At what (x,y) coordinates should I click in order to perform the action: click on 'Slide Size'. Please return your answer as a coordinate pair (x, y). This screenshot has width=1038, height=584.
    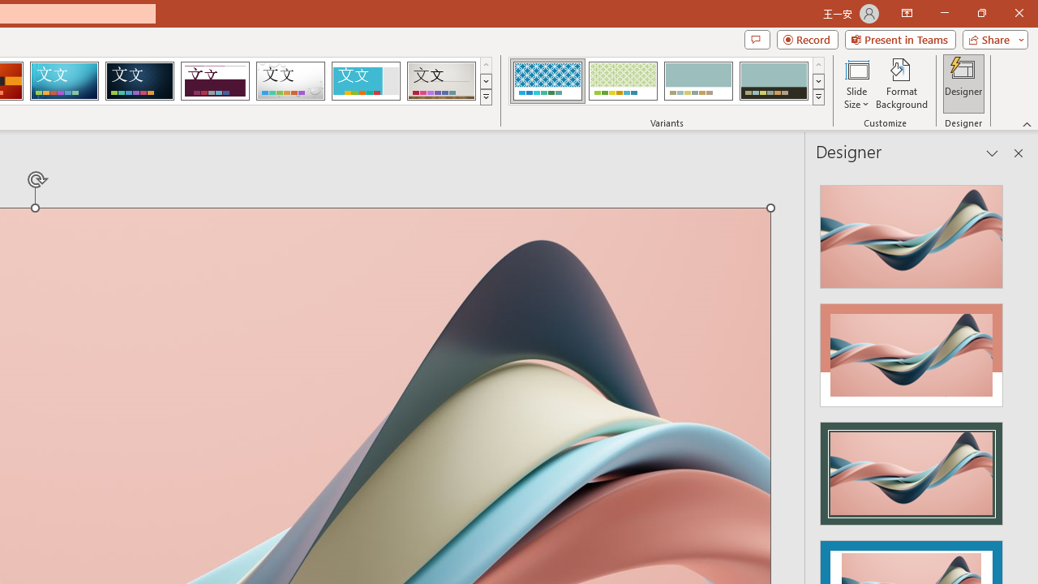
    Looking at the image, I should click on (856, 84).